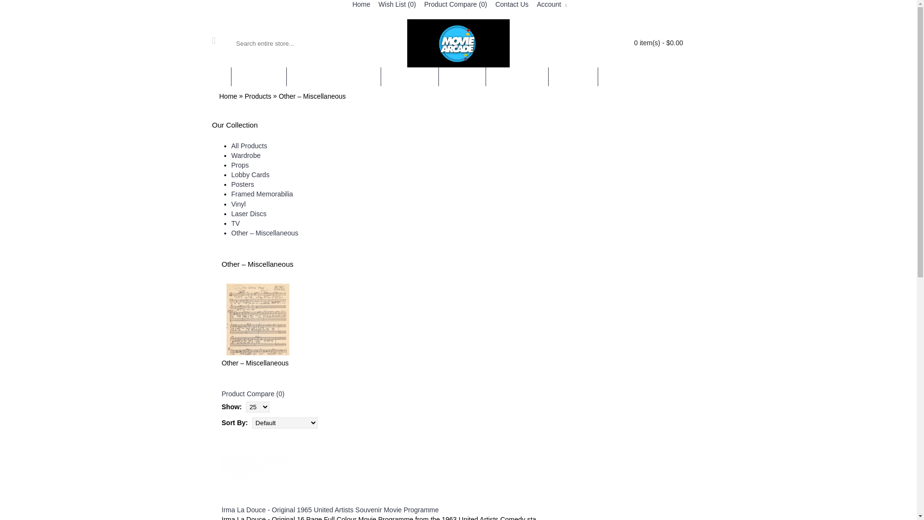  Describe the element at coordinates (249, 146) in the screenshot. I see `'All Products'` at that location.